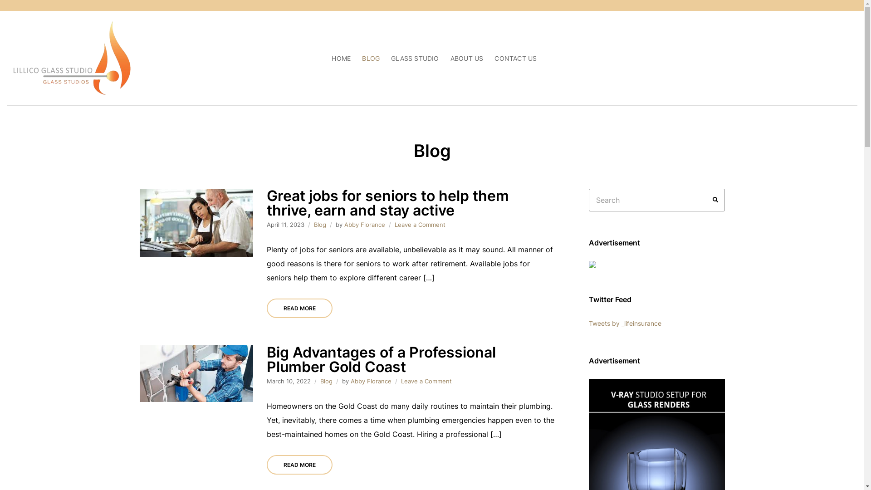  What do you see at coordinates (371, 58) in the screenshot?
I see `'BLOG'` at bounding box center [371, 58].